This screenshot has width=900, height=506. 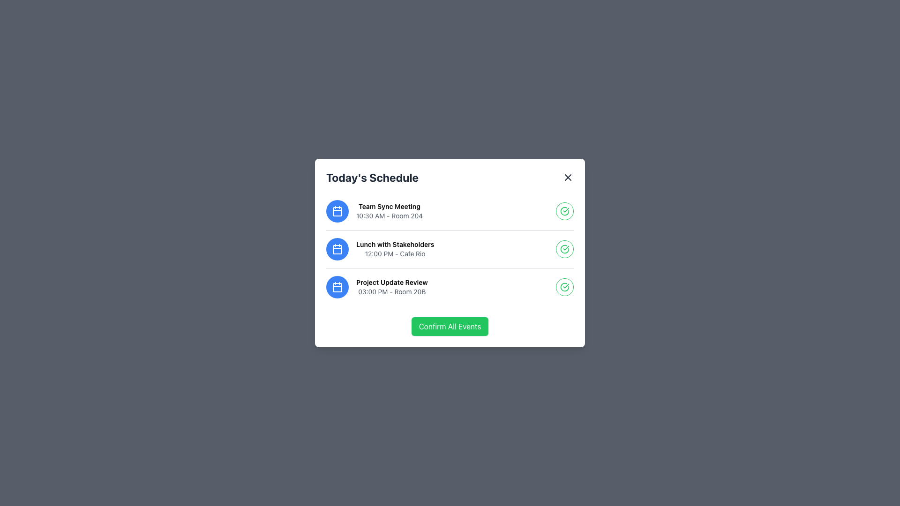 What do you see at coordinates (450, 326) in the screenshot?
I see `the green rectangular button labeled 'Confirm All Events'` at bounding box center [450, 326].